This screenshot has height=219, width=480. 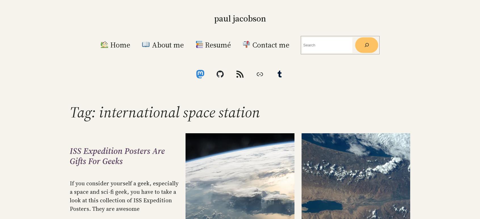 What do you see at coordinates (342, 37) in the screenshot?
I see `'Oldest'` at bounding box center [342, 37].